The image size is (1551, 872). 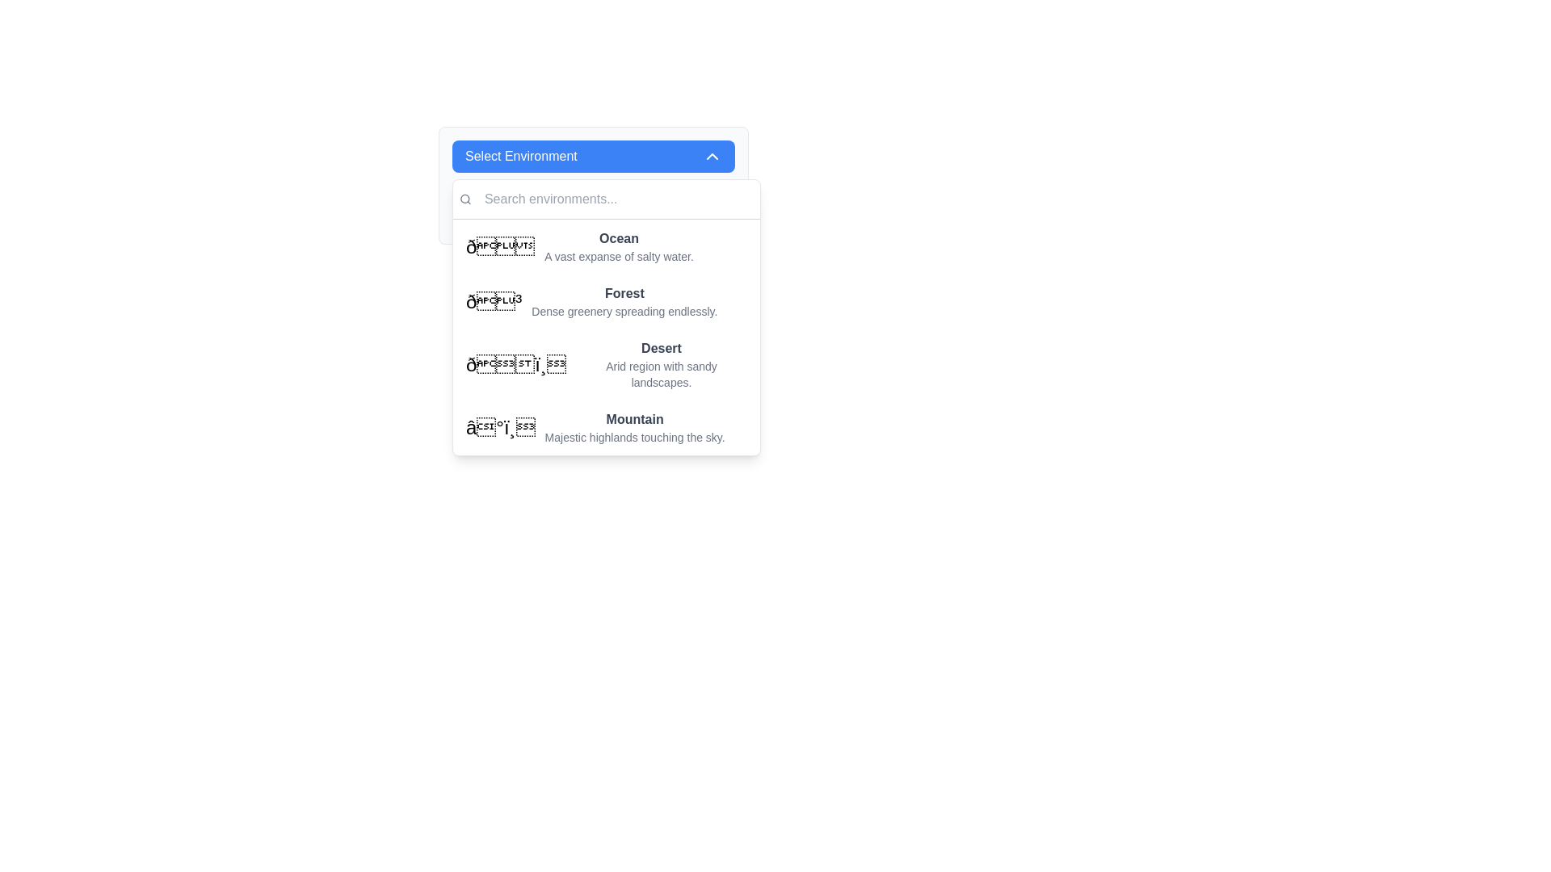 I want to click on the text label that serves as the title for the fourth item in a dropdown-style list, positioned between the 'Desert' item and its description 'Majestic highlands touching the sky.', so click(x=634, y=419).